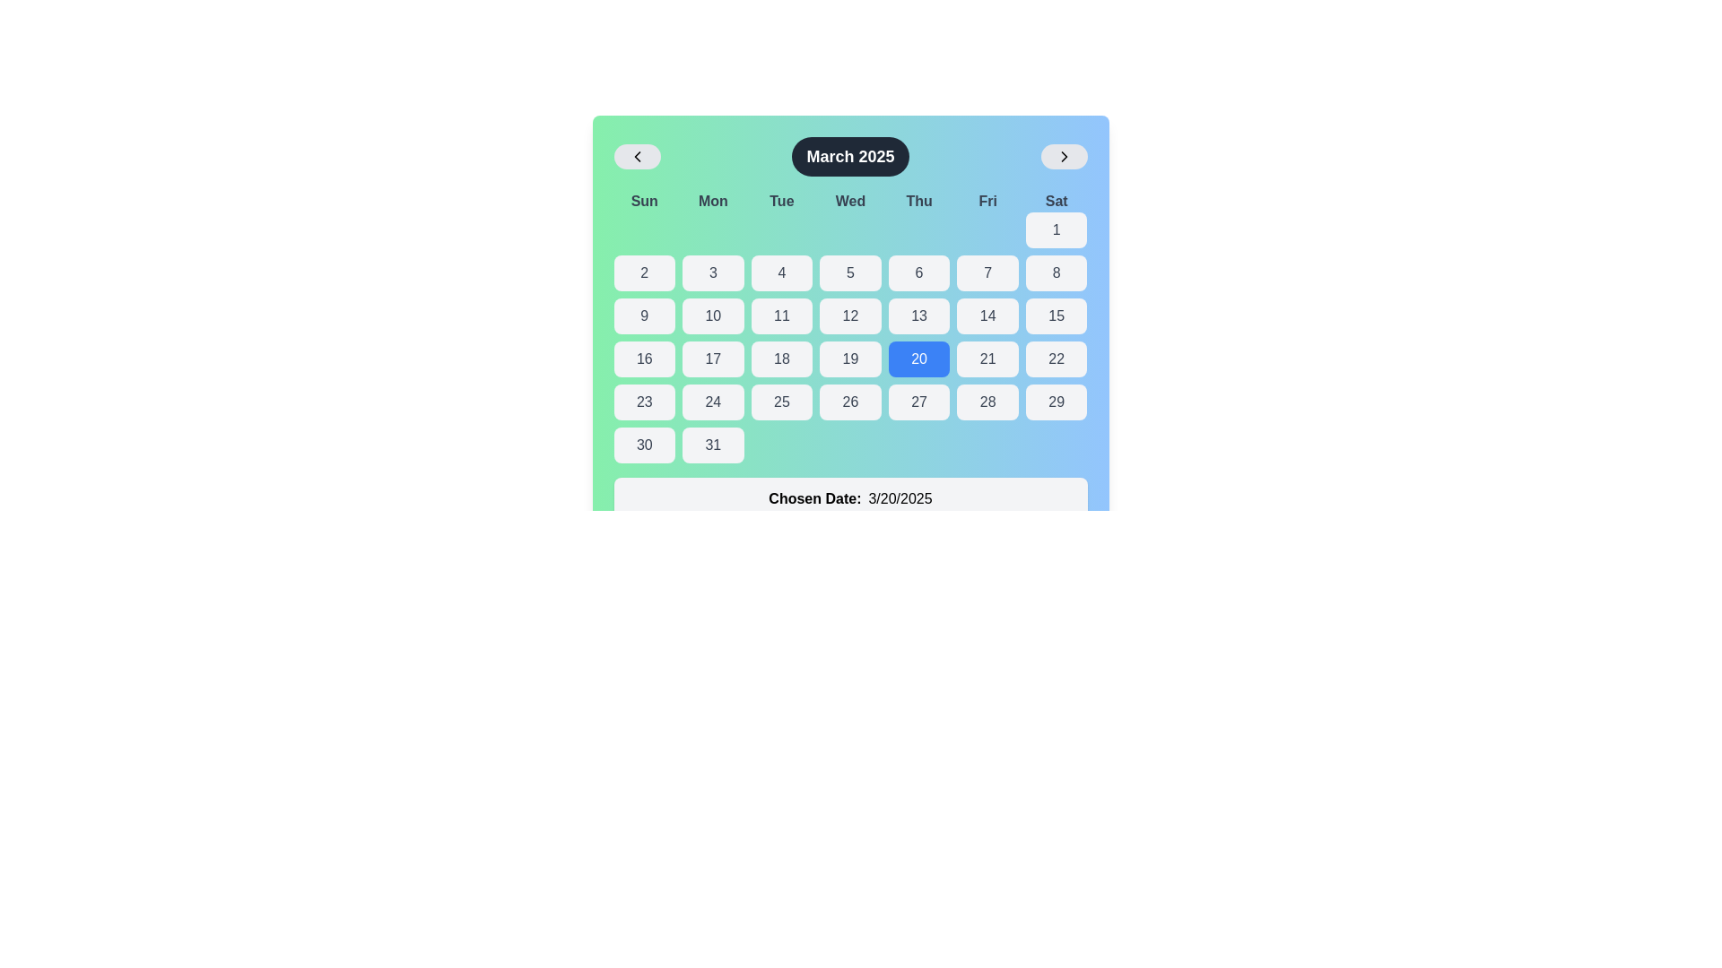 Image resolution: width=1722 pixels, height=968 pixels. Describe the element at coordinates (849, 401) in the screenshot. I see `the button displaying the number '26' in dark gray text, which is located in the sixth row and fourth column of the calendar grid` at that location.